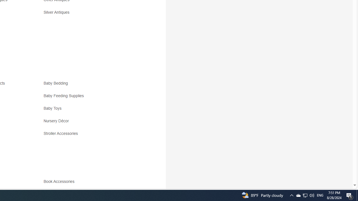 The image size is (358, 201). What do you see at coordinates (93, 110) in the screenshot?
I see `'Baby Toys'` at bounding box center [93, 110].